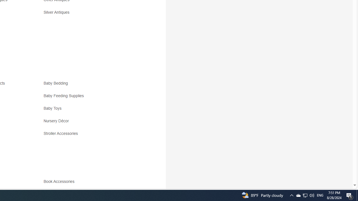 The image size is (358, 201). What do you see at coordinates (93, 110) in the screenshot?
I see `'Baby Toys'` at bounding box center [93, 110].